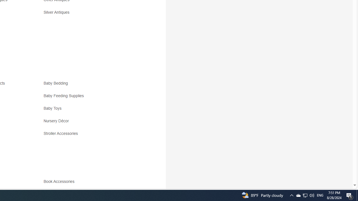 The image size is (358, 201). What do you see at coordinates (93, 110) in the screenshot?
I see `'Baby Toys'` at bounding box center [93, 110].